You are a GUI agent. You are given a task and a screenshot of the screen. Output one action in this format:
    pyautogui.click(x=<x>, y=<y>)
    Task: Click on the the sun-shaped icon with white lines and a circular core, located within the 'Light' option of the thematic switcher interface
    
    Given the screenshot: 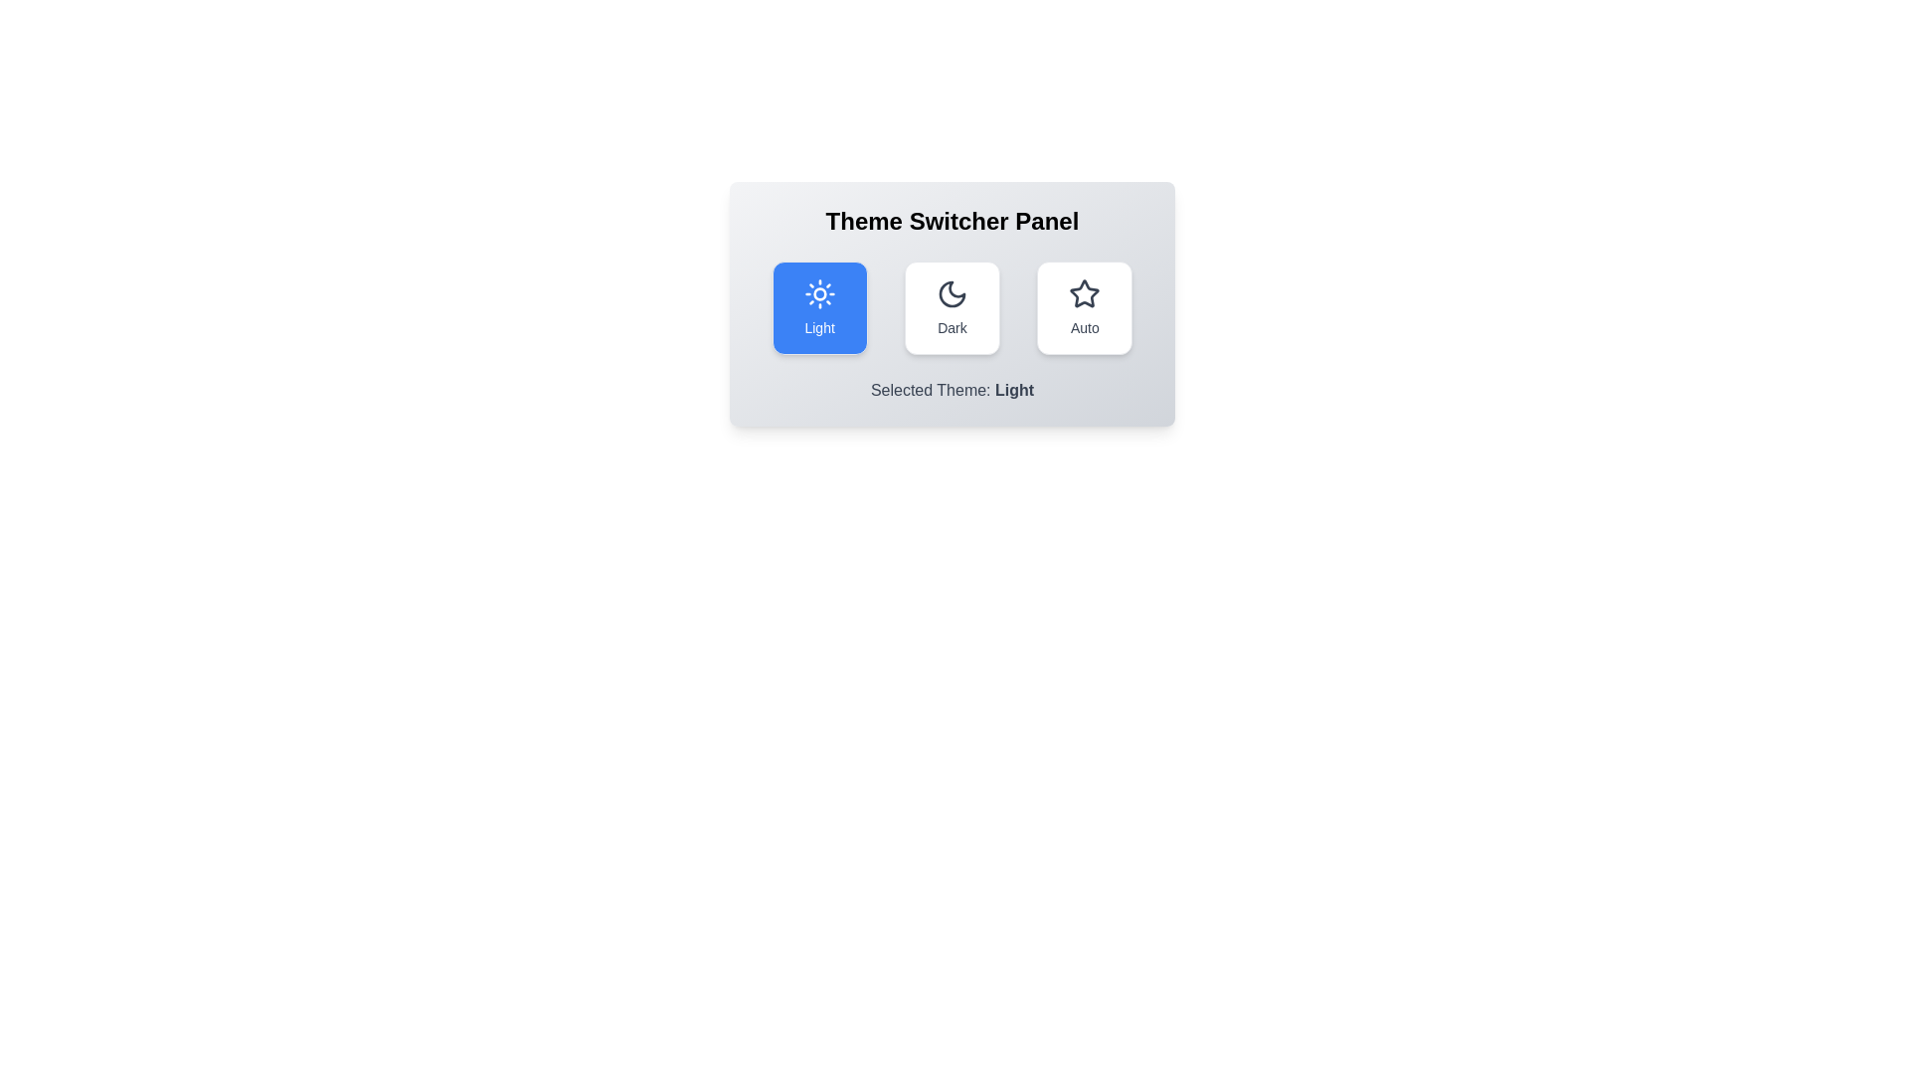 What is the action you would take?
    pyautogui.click(x=819, y=294)
    